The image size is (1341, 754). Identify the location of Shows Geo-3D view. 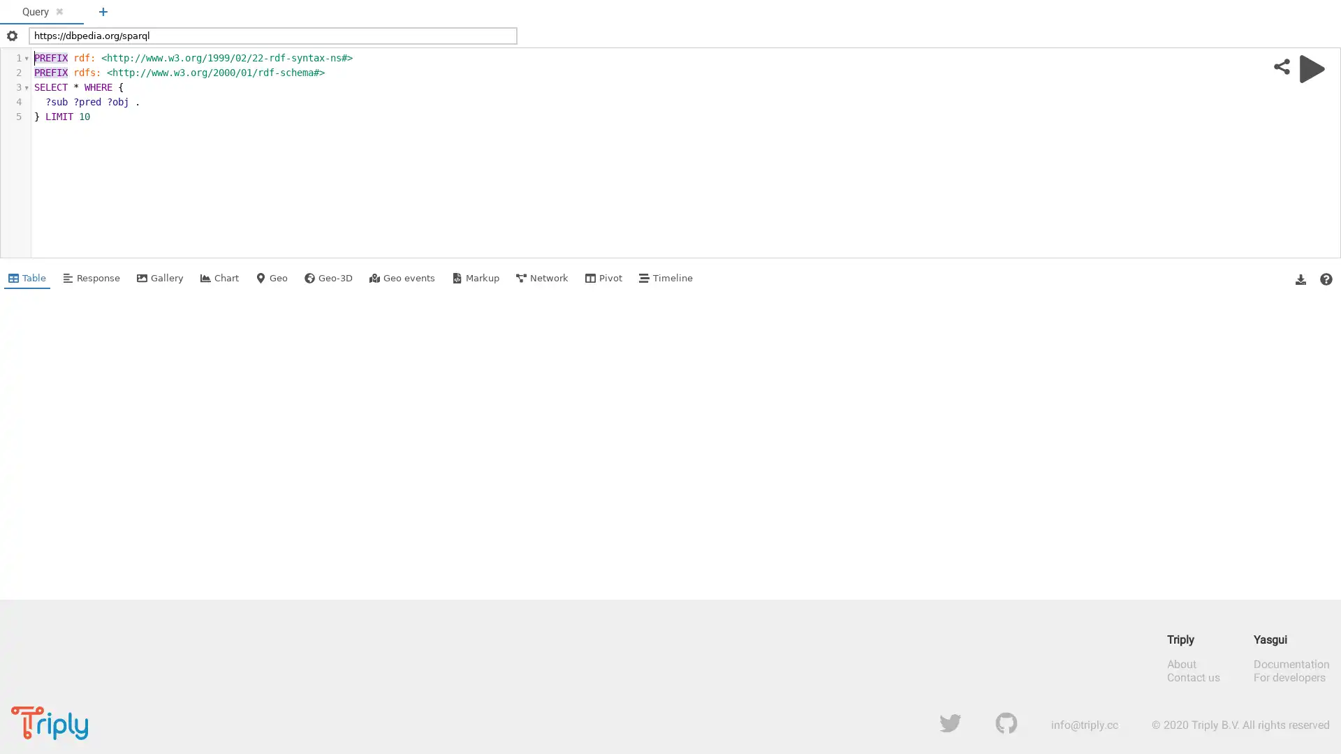
(328, 279).